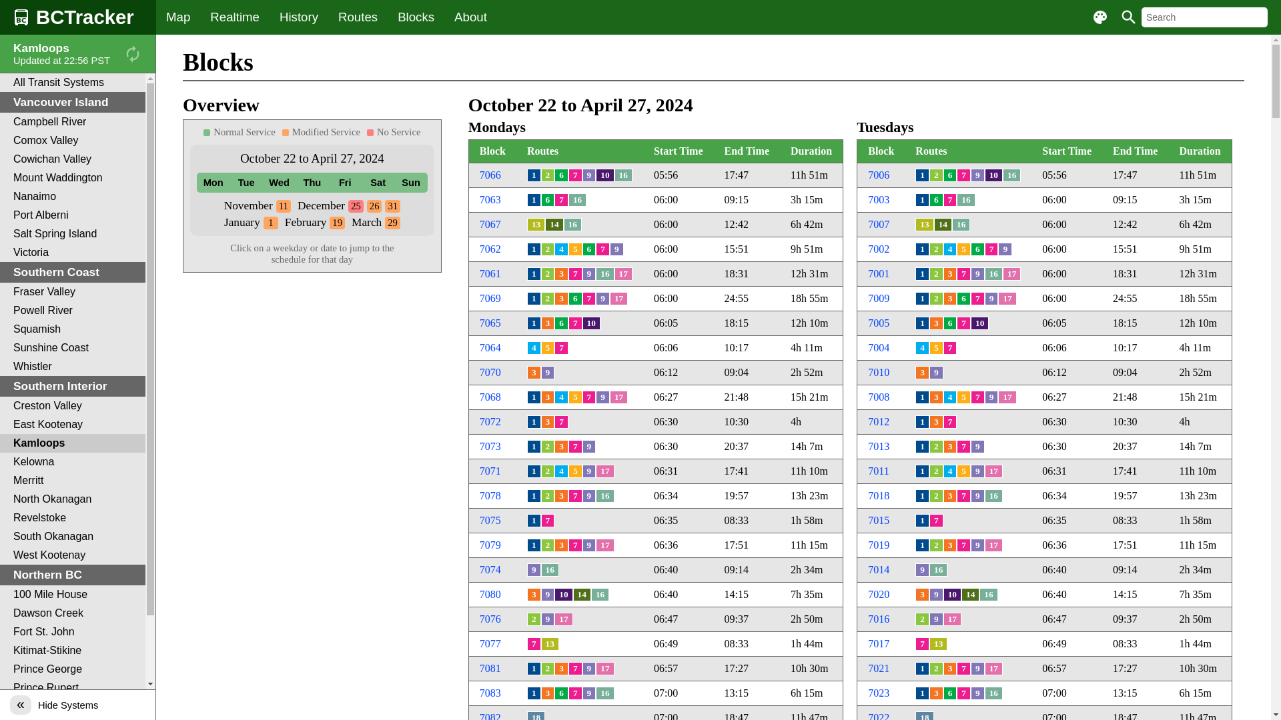 The image size is (1281, 720). I want to click on '7', so click(575, 174).